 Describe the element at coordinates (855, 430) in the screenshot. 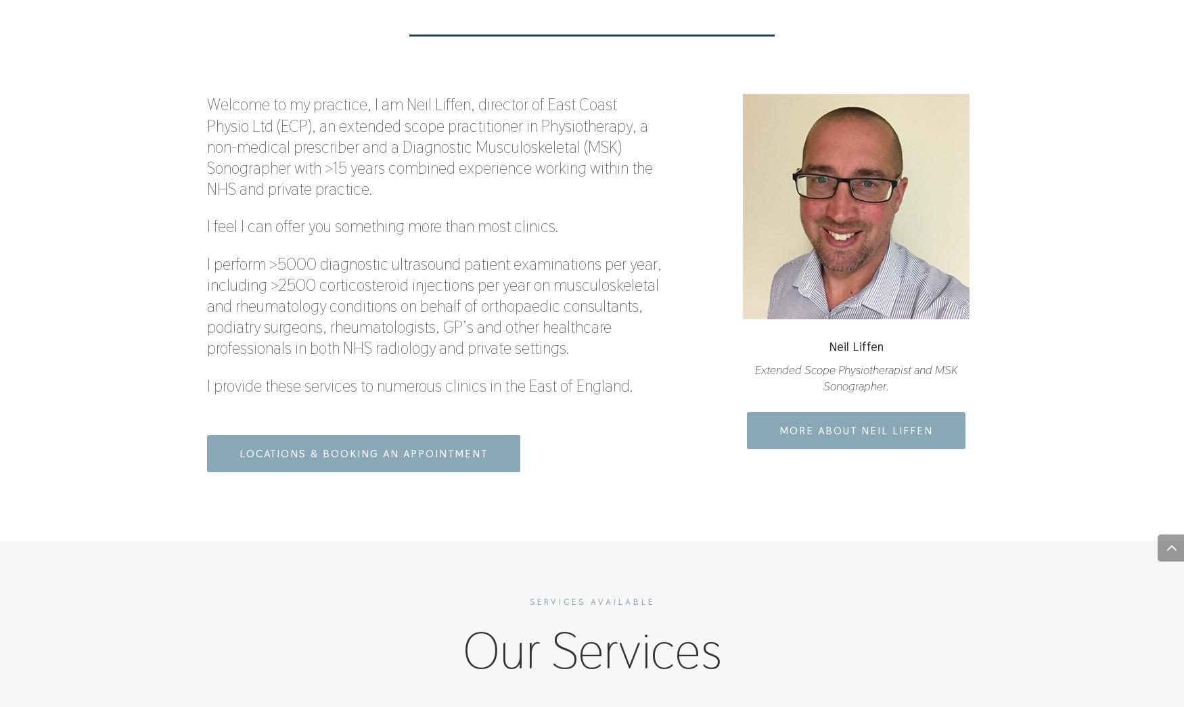

I see `'MORE ABOUT NEIL LIFFEN'` at that location.